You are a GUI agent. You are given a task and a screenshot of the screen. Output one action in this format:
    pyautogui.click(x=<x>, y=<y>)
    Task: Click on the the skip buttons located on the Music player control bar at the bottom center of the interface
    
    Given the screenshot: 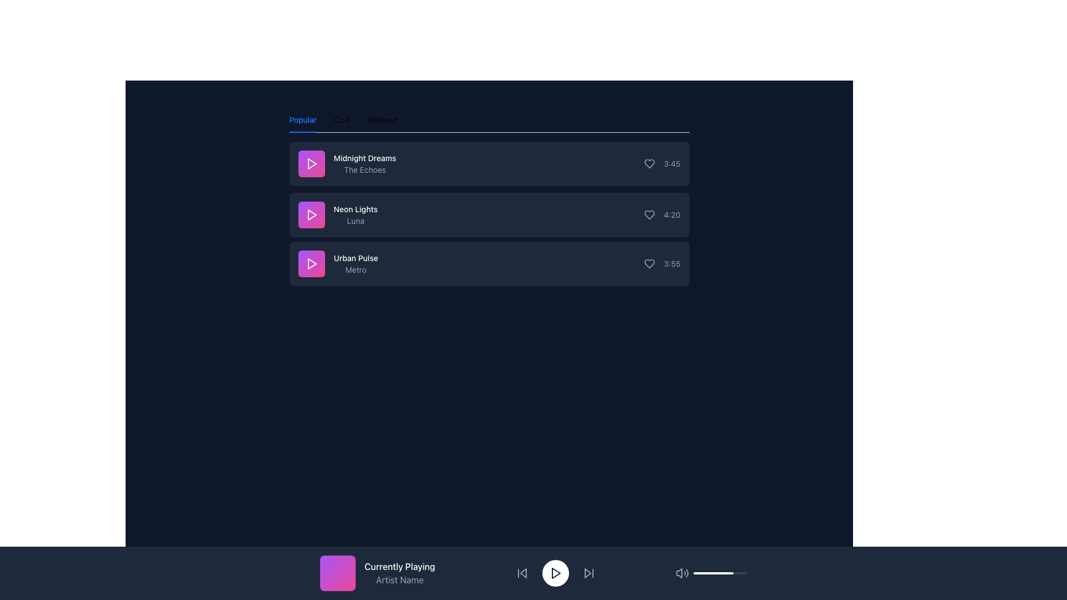 What is the action you would take?
    pyautogui.click(x=533, y=573)
    